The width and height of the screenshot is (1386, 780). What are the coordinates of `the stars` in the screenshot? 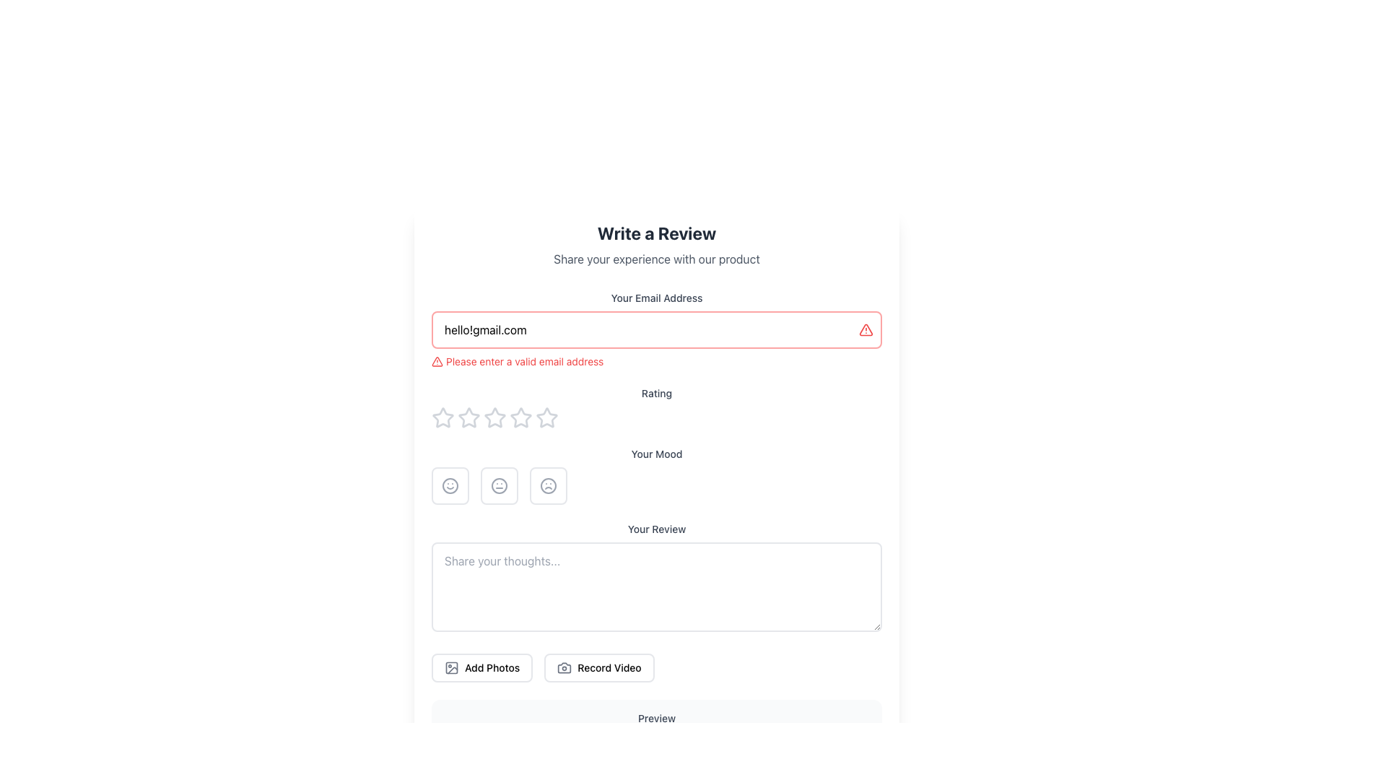 It's located at (656, 417).